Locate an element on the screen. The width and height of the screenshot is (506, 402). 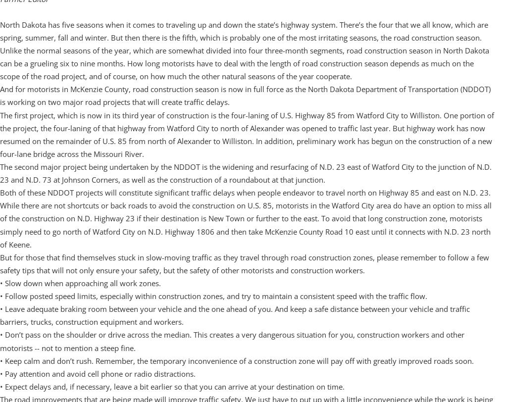
'Register Now' is located at coordinates (62, 301).